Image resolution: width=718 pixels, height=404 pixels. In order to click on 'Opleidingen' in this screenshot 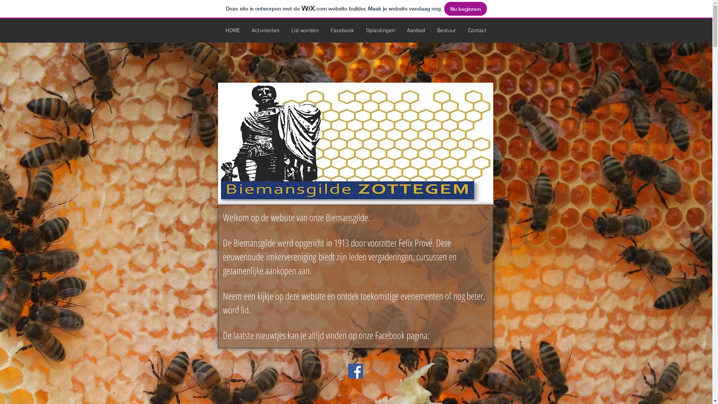, I will do `click(380, 30)`.